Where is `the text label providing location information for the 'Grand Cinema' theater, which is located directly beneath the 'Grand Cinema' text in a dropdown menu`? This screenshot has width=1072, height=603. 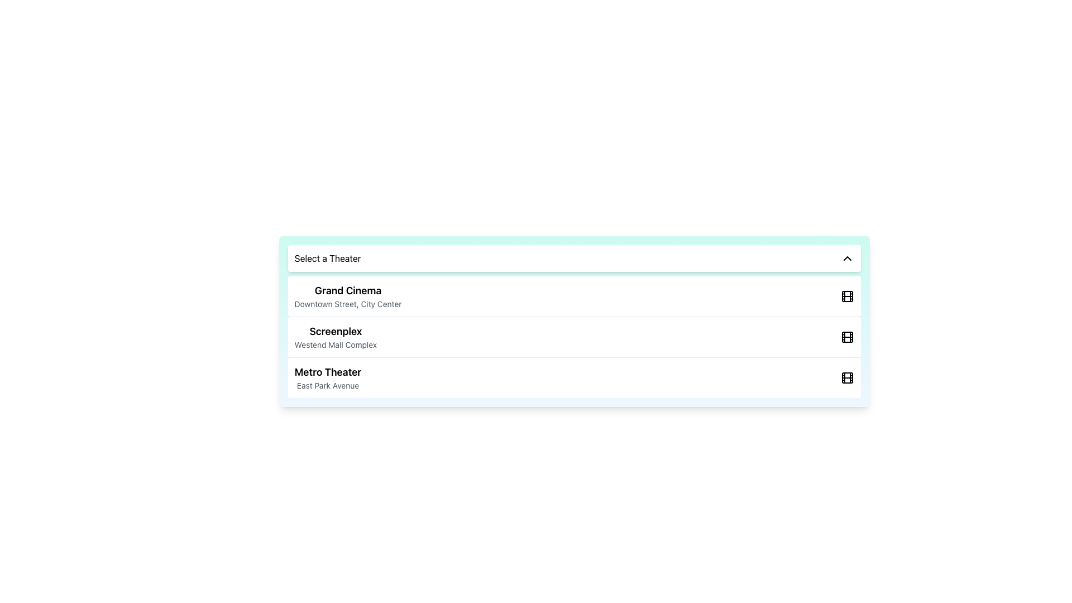 the text label providing location information for the 'Grand Cinema' theater, which is located directly beneath the 'Grand Cinema' text in a dropdown menu is located at coordinates (347, 304).